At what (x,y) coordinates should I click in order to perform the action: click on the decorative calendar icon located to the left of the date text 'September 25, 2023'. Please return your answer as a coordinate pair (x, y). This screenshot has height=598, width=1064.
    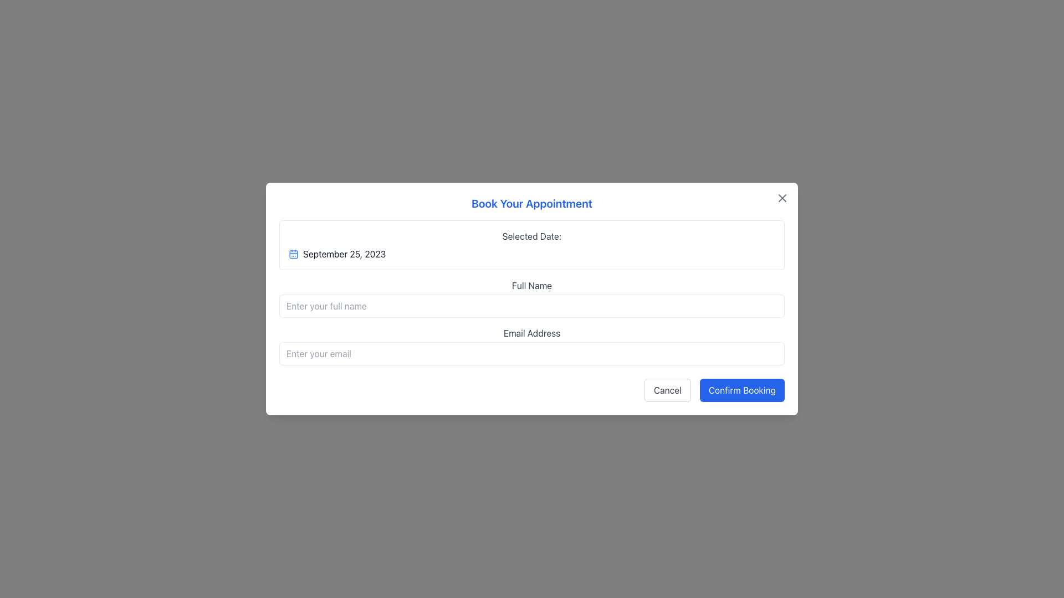
    Looking at the image, I should click on (293, 254).